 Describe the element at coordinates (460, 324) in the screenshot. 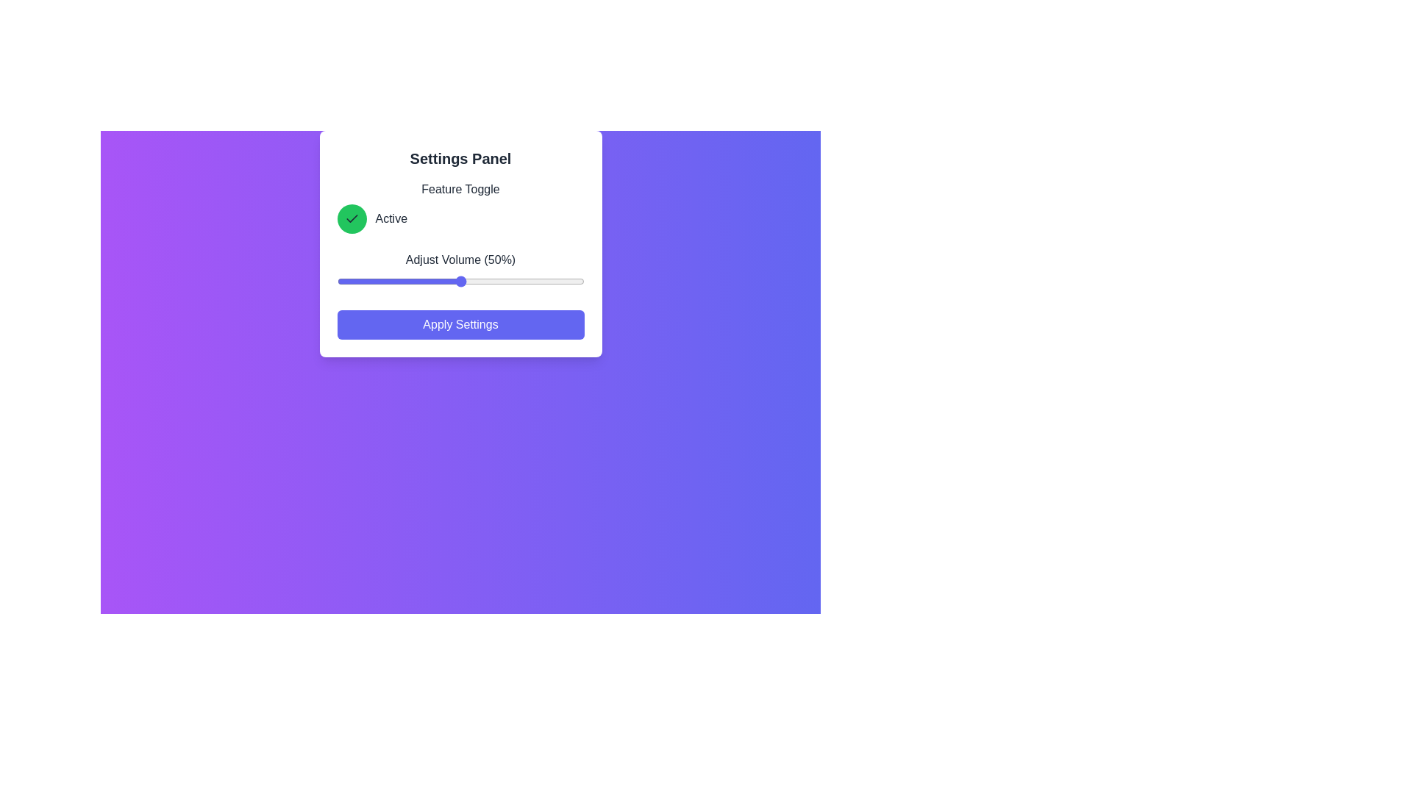

I see `the 'Apply Settings' button, which is a horizontally centered rectangular button with rounded corners, vibrant indigo background, and white text, located at the bottom of the 'Settings Panel'` at that location.